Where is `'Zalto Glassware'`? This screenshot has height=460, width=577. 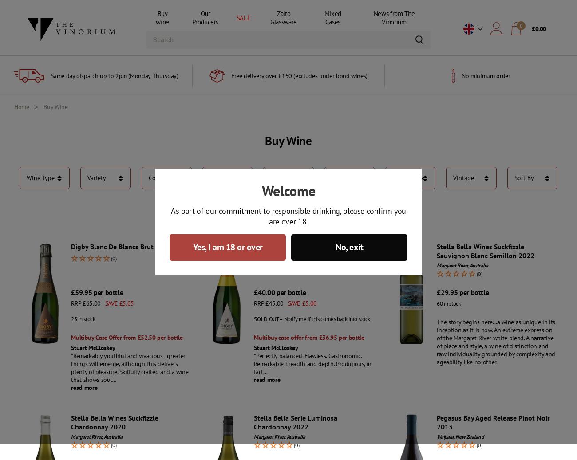 'Zalto Glassware' is located at coordinates (270, 17).